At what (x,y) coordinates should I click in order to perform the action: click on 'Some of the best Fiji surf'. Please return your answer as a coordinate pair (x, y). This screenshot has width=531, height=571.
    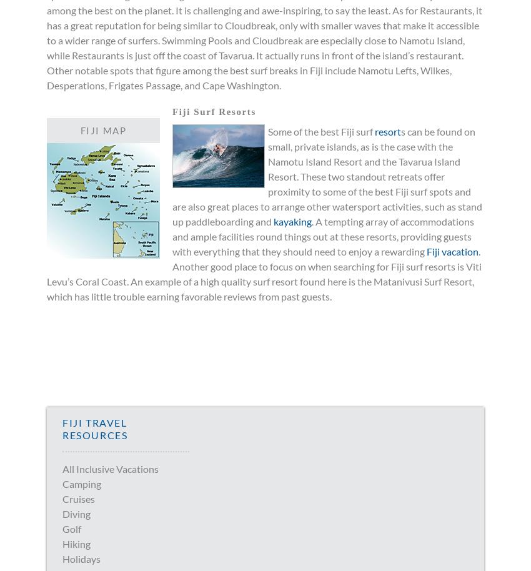
    Looking at the image, I should click on (267, 131).